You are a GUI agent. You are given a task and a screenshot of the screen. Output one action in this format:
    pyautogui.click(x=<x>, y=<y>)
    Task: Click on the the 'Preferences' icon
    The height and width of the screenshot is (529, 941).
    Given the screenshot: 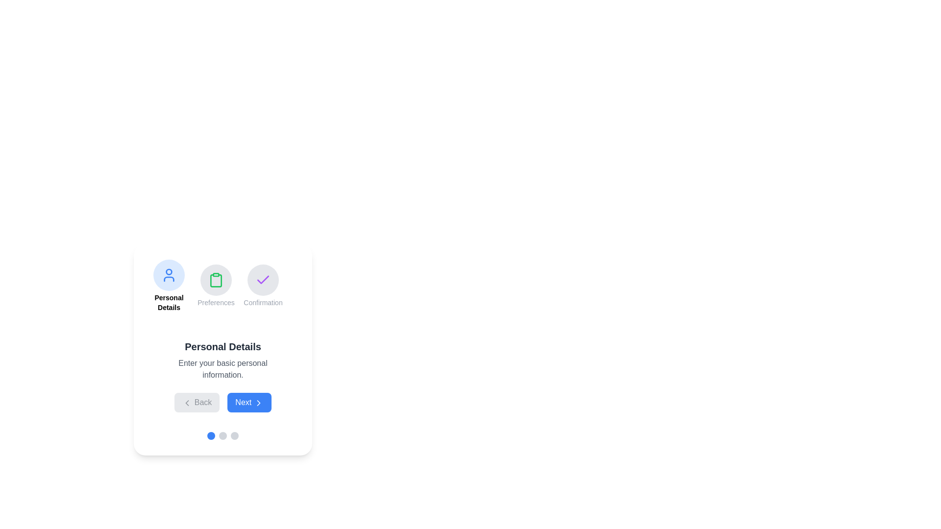 What is the action you would take?
    pyautogui.click(x=216, y=286)
    